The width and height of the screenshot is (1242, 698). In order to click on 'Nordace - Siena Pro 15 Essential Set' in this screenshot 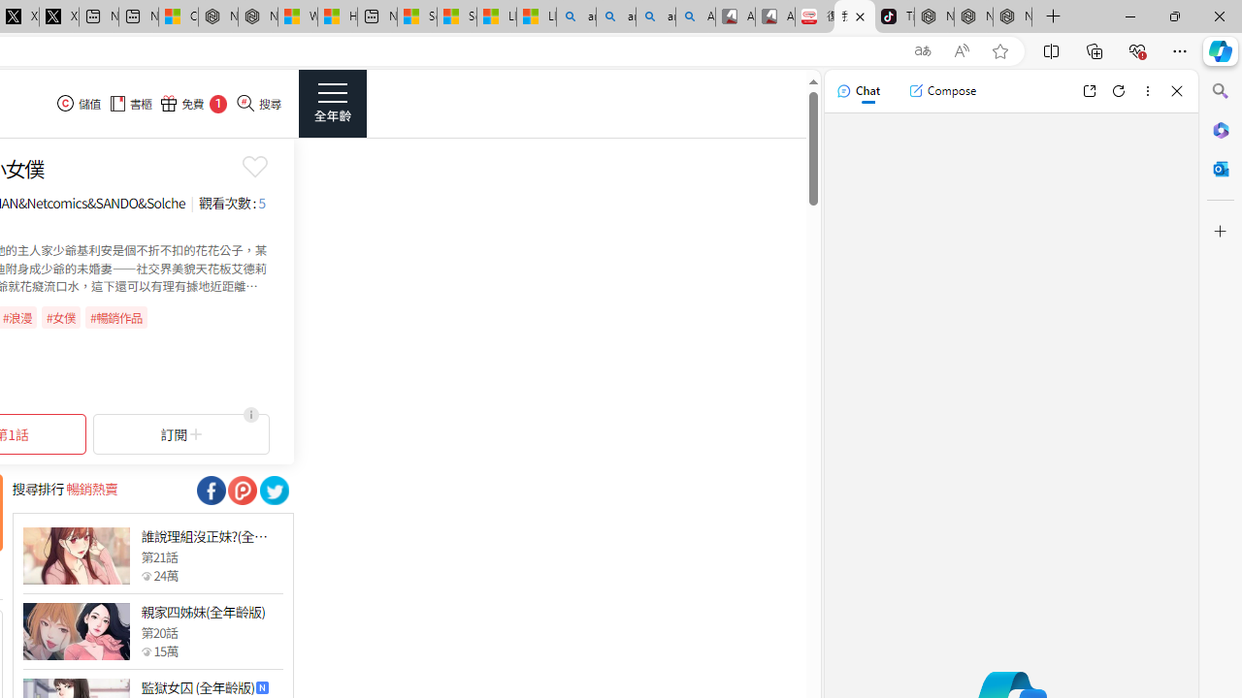, I will do `click(1011, 16)`.